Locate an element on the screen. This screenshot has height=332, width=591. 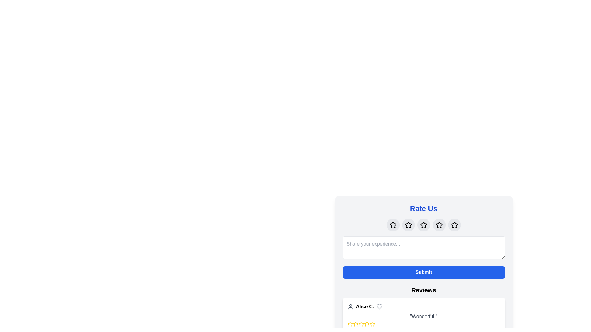
the rating button is located at coordinates (392, 225).